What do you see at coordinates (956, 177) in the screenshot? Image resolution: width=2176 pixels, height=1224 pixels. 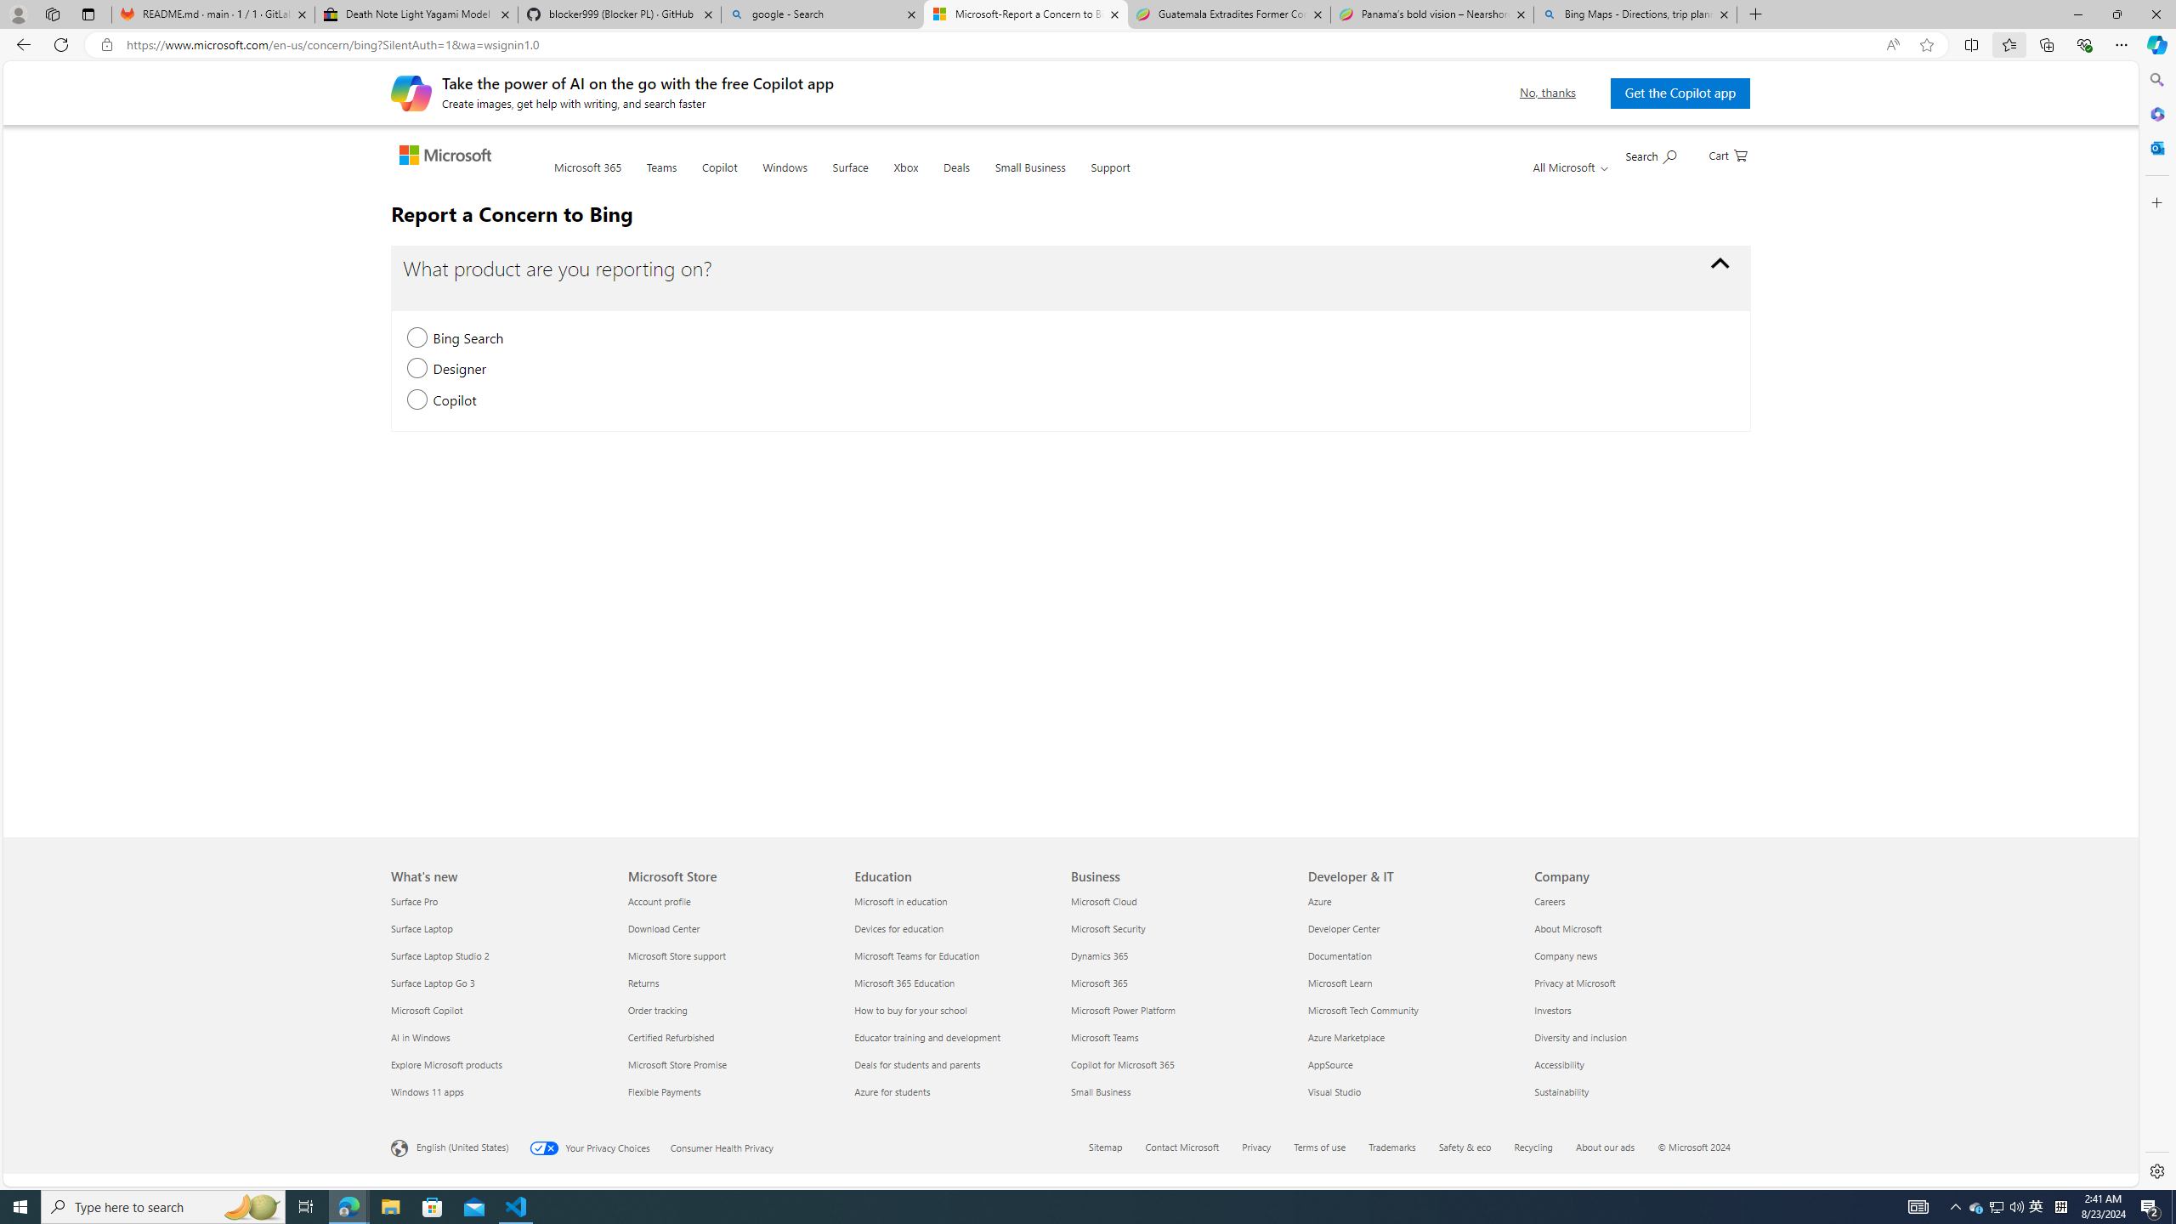 I see `'Deals'` at bounding box center [956, 177].